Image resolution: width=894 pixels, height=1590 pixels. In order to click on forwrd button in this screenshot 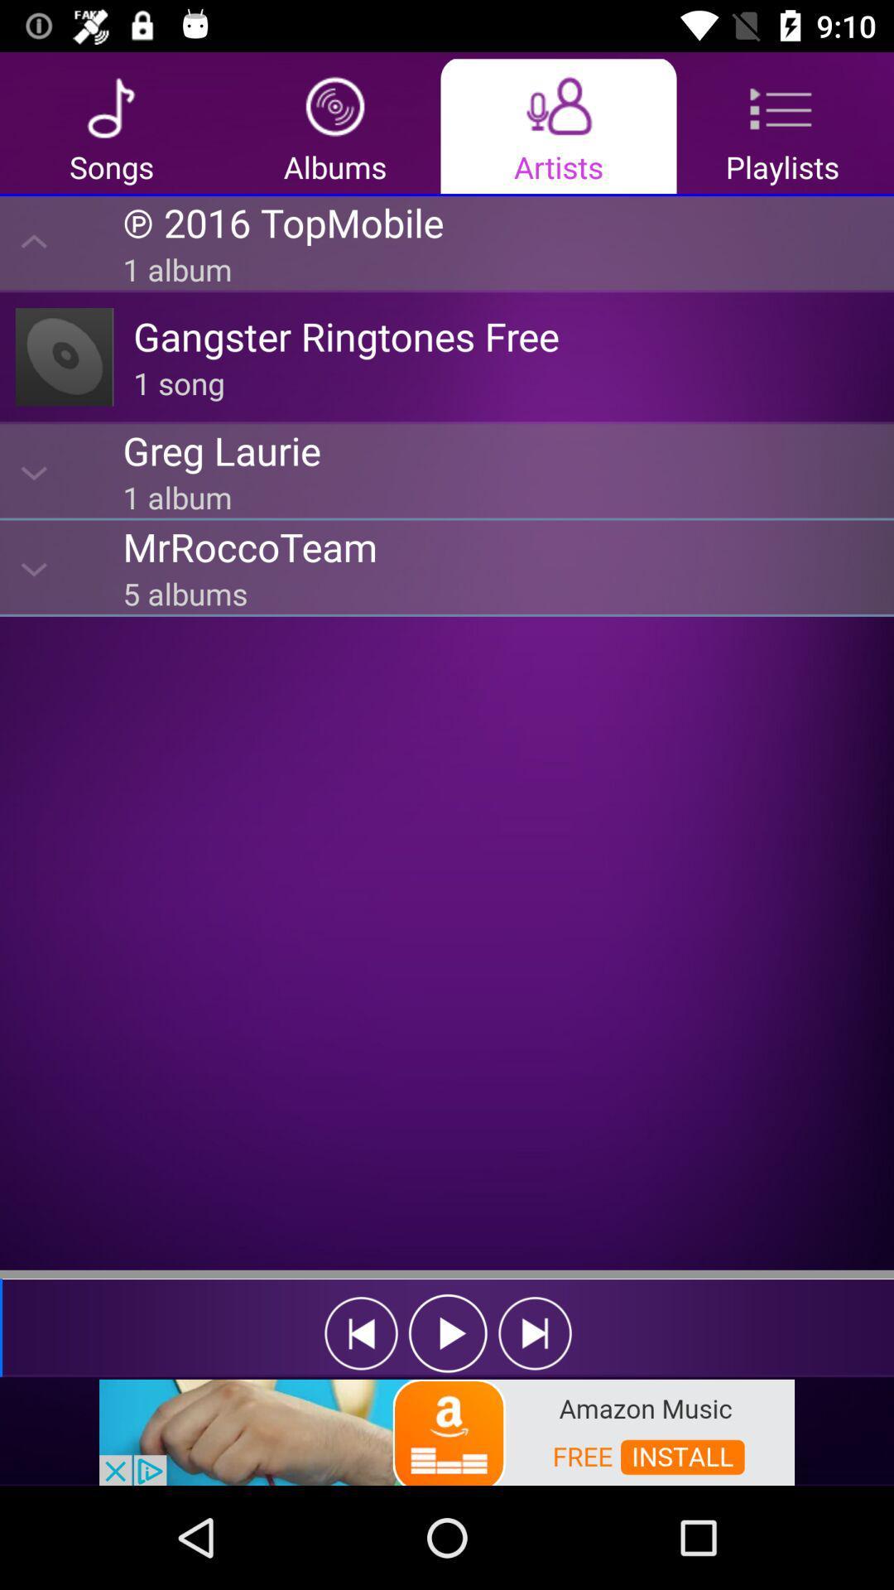, I will do `click(535, 1333)`.